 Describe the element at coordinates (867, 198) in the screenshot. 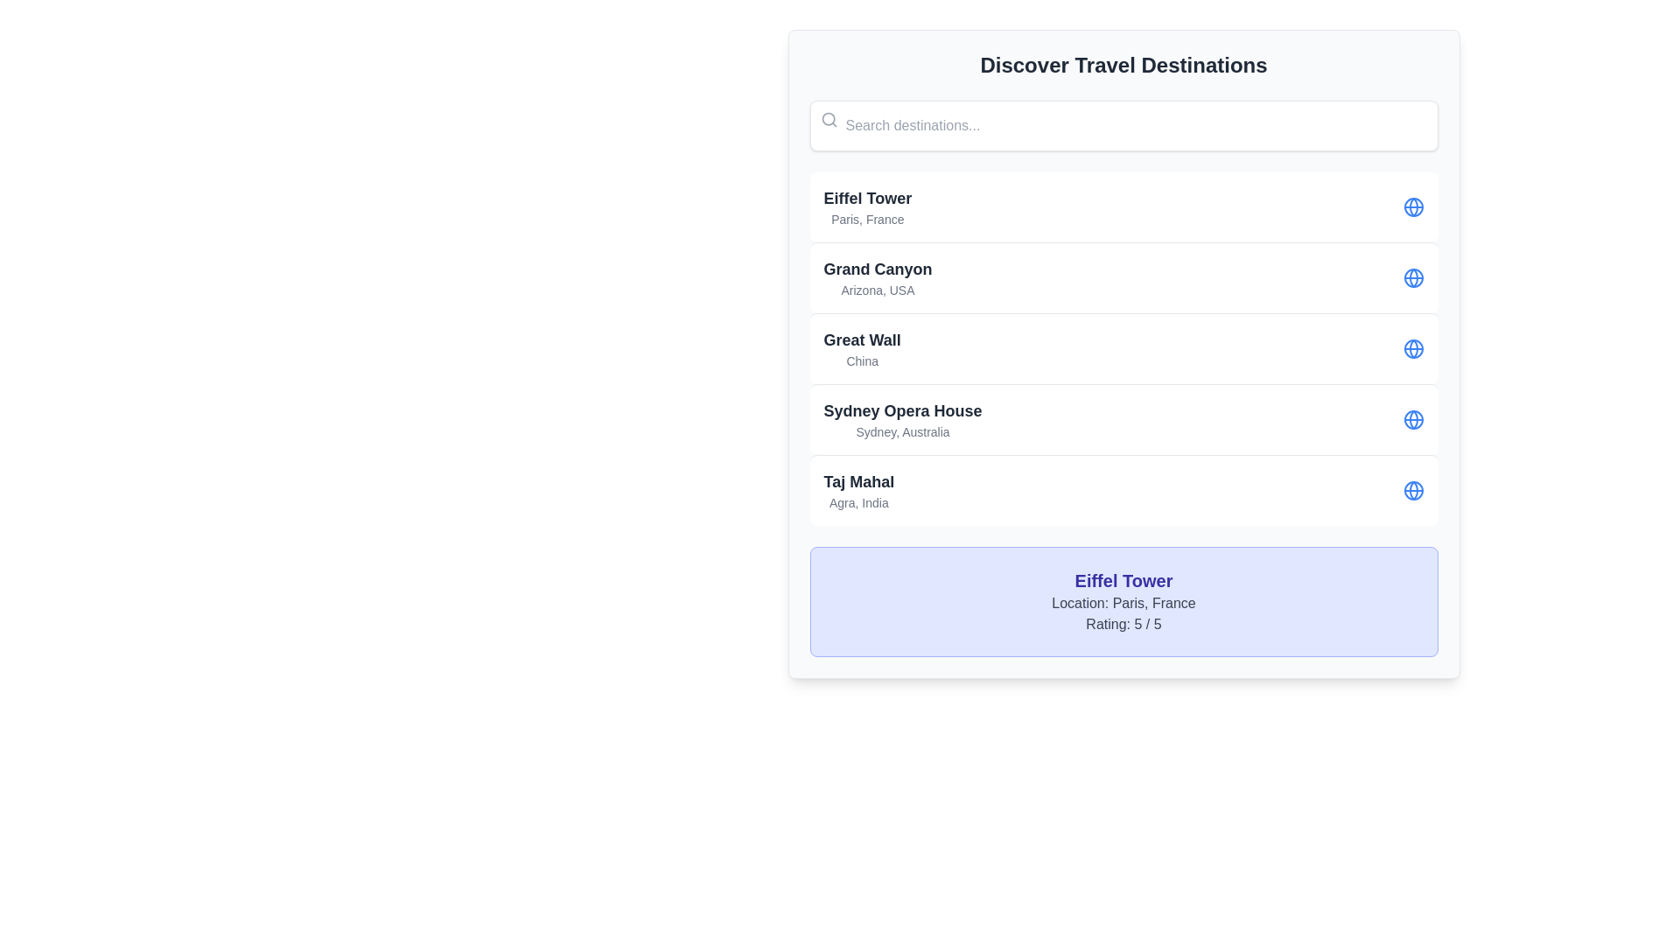

I see `the text label identifying the travel destination 'Eiffel Tower', which is located at the upper-left corner of the list section for travel destinations` at that location.